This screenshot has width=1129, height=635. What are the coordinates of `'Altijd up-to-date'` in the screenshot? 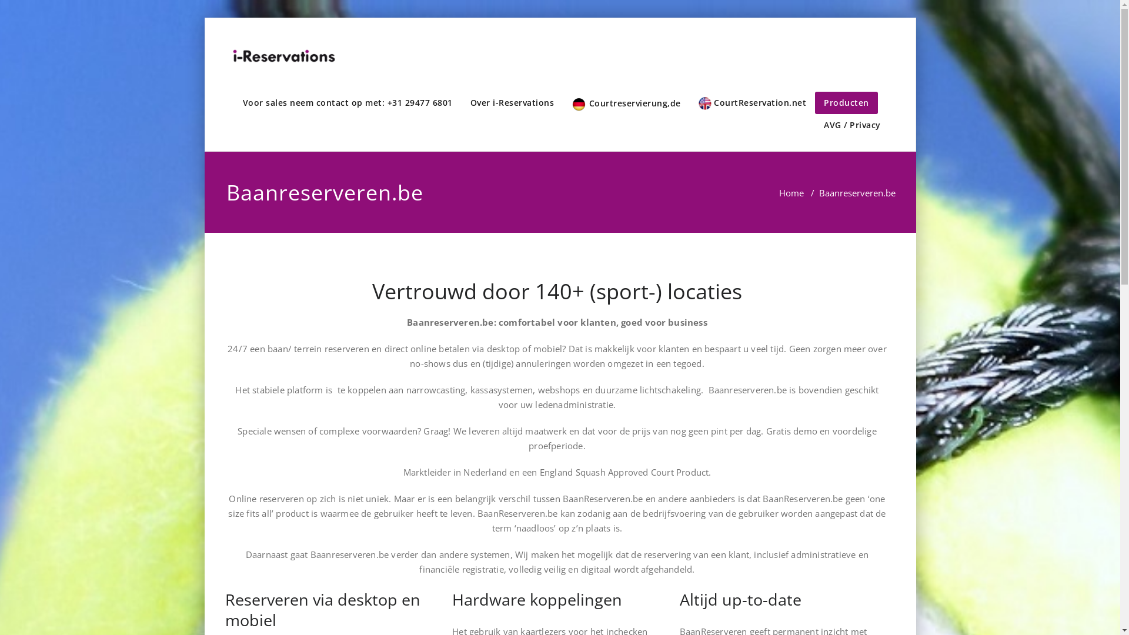 It's located at (740, 599).